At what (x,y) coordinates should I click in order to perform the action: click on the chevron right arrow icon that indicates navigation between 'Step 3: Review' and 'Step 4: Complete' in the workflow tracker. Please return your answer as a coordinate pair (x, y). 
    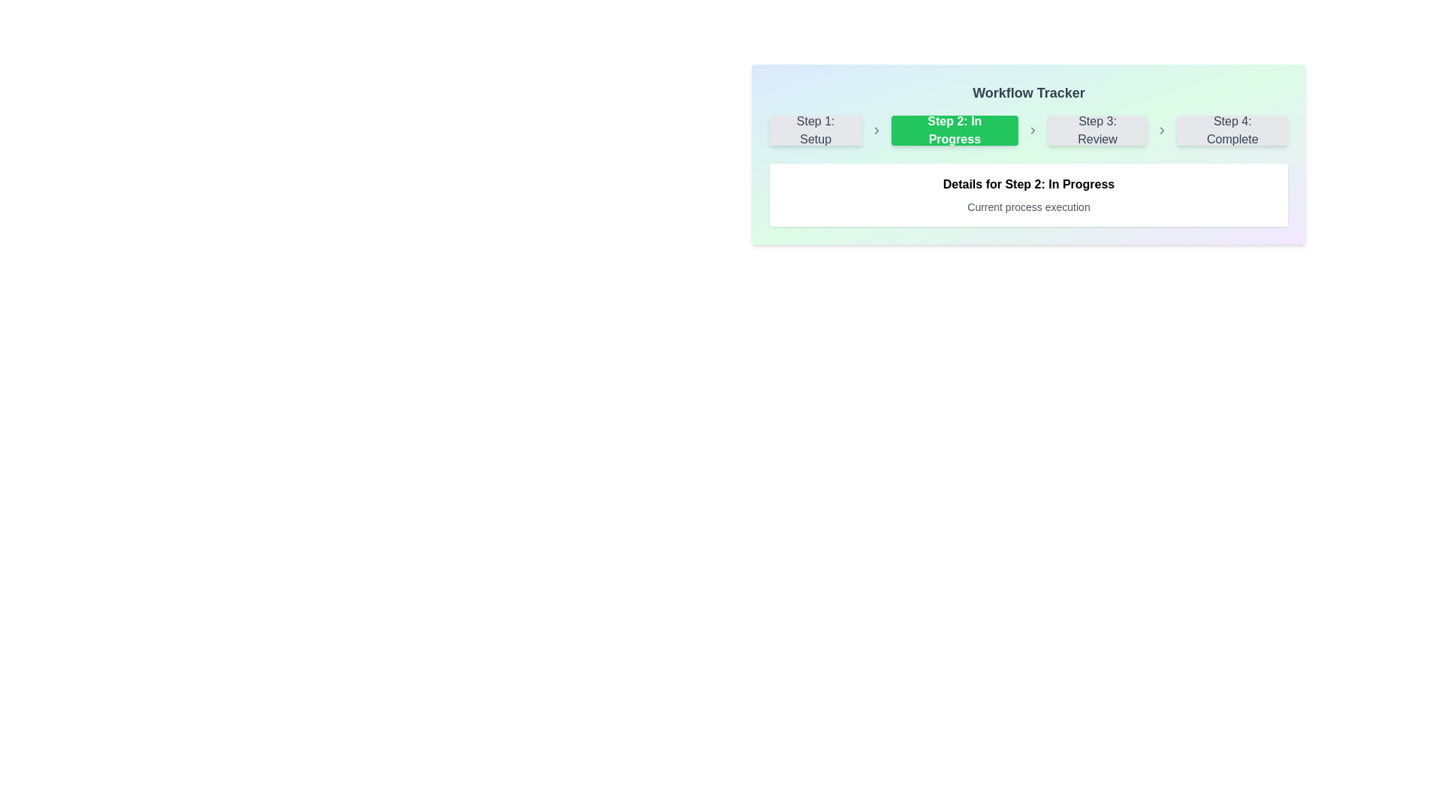
    Looking at the image, I should click on (1161, 129).